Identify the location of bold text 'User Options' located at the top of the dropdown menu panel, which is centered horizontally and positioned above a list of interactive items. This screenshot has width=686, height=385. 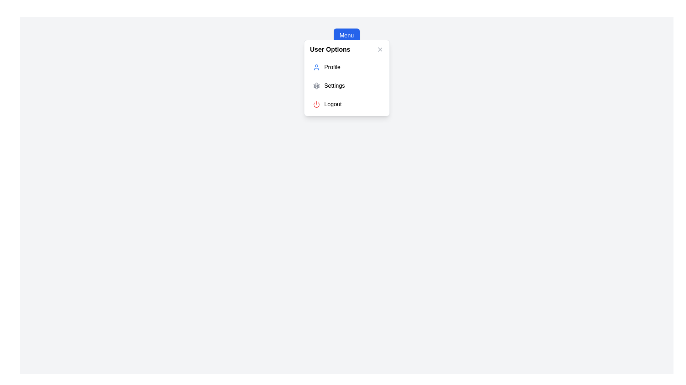
(330, 49).